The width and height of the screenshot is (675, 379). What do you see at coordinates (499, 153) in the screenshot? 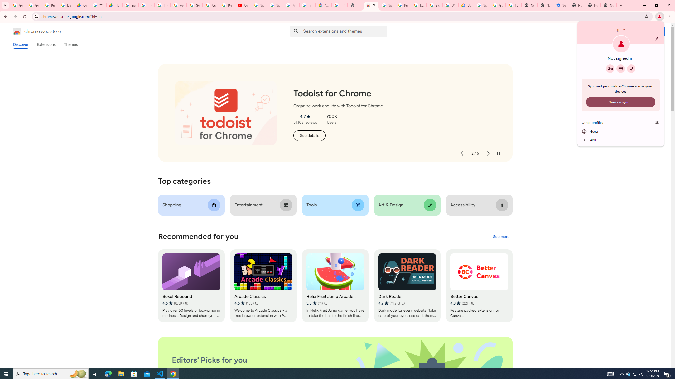
I see `'Pause auto-play'` at bounding box center [499, 153].